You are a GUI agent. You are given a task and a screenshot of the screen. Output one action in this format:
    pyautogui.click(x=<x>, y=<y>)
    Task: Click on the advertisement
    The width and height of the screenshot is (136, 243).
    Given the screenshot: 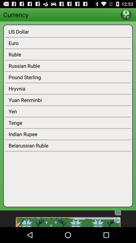 What is the action you would take?
    pyautogui.click(x=68, y=218)
    